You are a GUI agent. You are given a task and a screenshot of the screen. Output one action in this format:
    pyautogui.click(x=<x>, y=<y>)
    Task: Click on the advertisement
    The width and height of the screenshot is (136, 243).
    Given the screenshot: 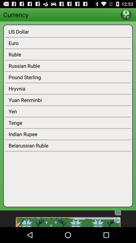 What is the action you would take?
    pyautogui.click(x=68, y=218)
    